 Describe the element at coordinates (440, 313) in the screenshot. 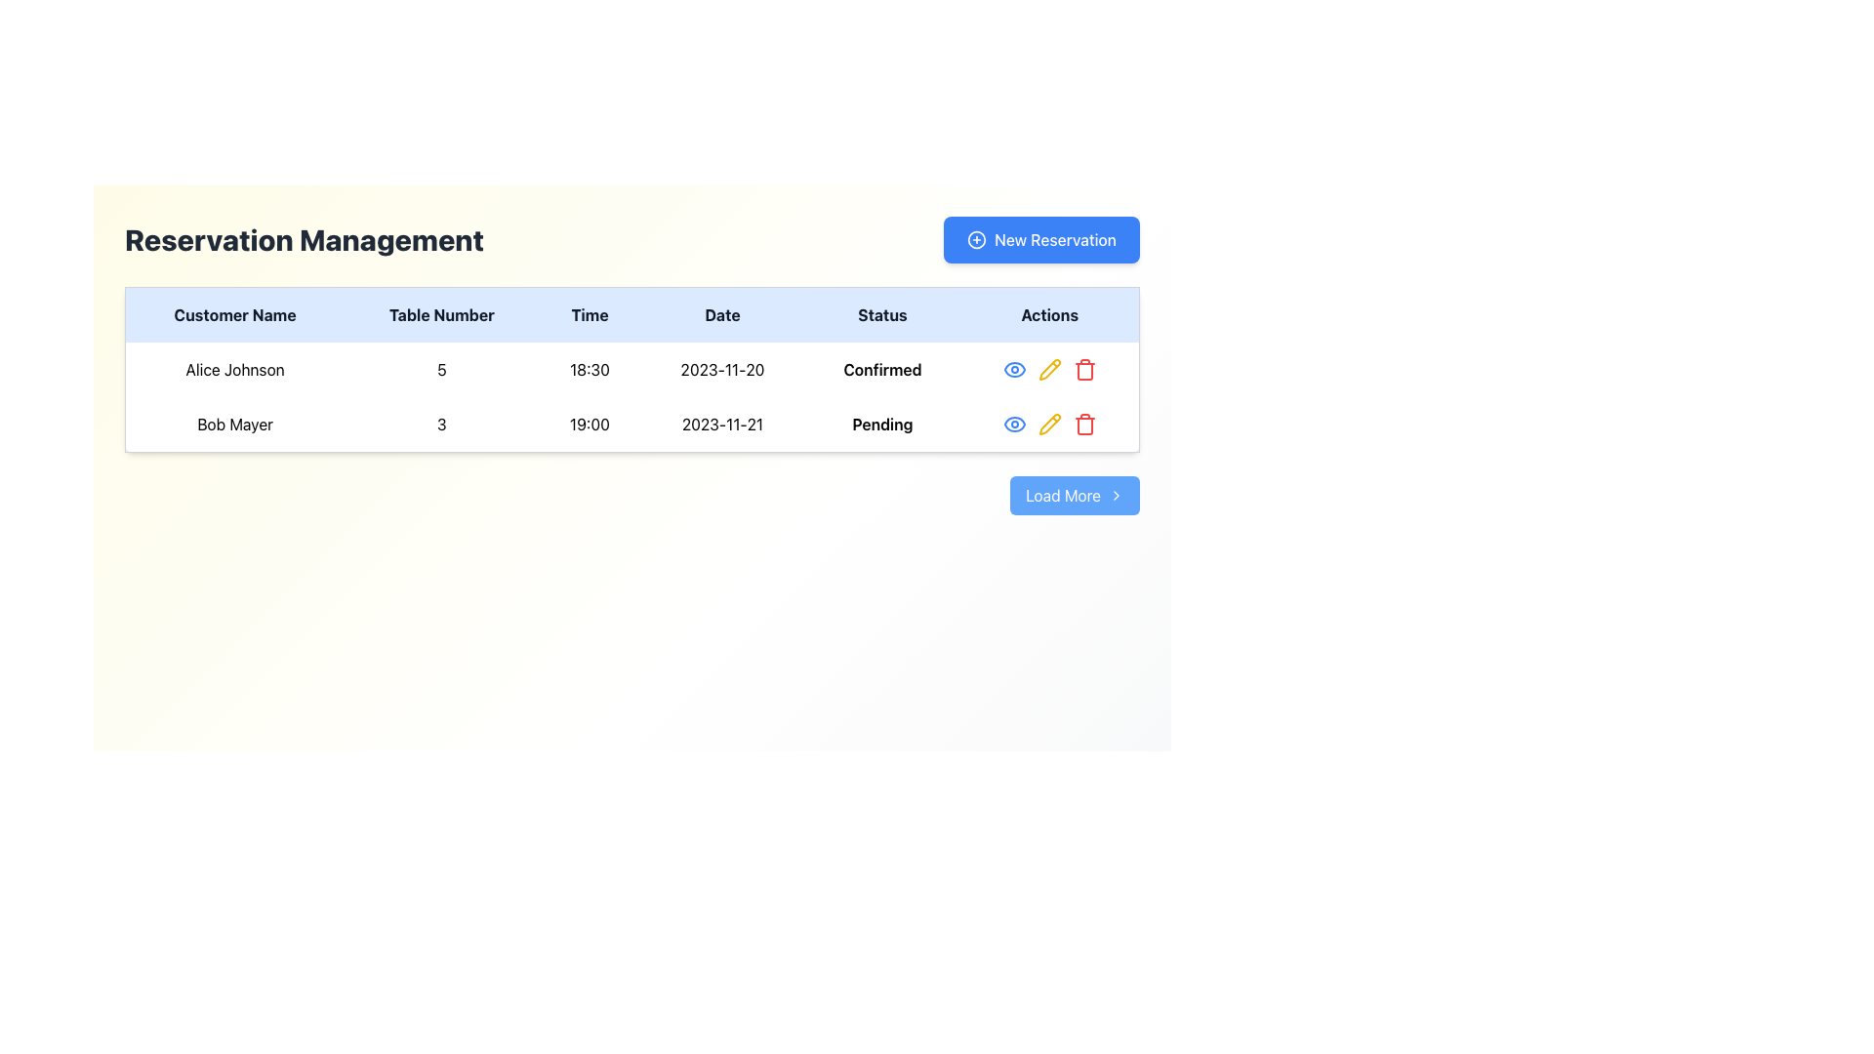

I see `the 'Table Number' column header in the table, which is the second header in a row of six, positioned between 'Customer Name' and 'Time'` at that location.